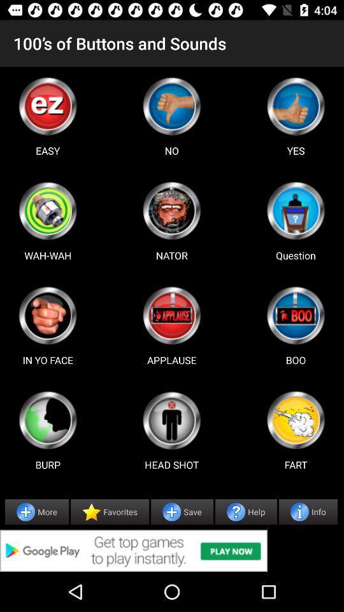  Describe the element at coordinates (47, 315) in the screenshot. I see `tag option` at that location.